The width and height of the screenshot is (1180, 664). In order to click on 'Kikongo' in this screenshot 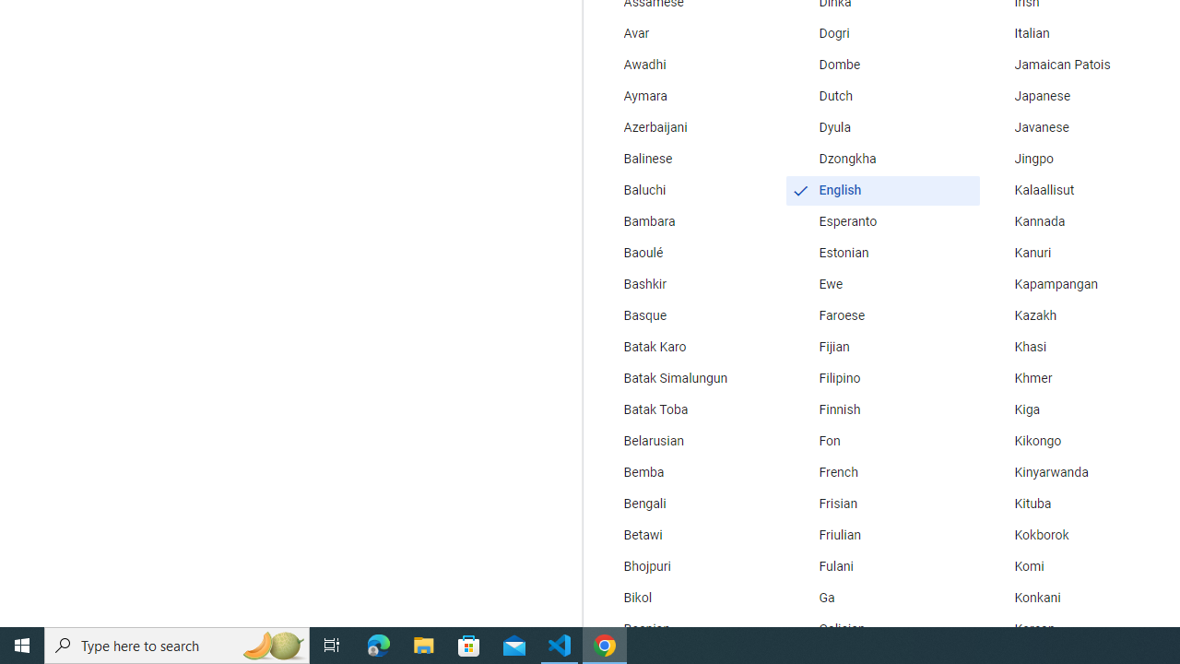, I will do `click(1078, 442)`.